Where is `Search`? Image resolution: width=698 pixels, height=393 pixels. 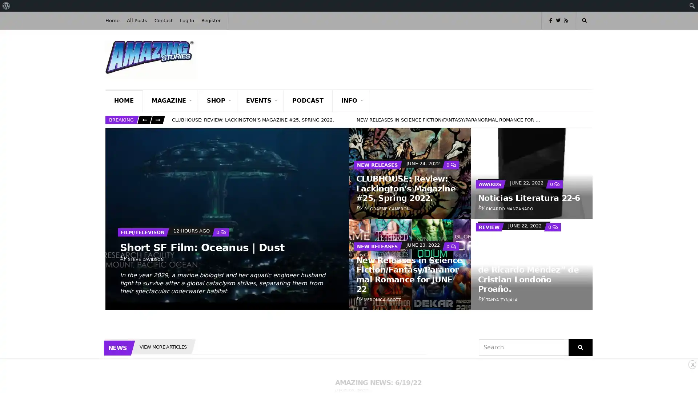 Search is located at coordinates (580, 346).